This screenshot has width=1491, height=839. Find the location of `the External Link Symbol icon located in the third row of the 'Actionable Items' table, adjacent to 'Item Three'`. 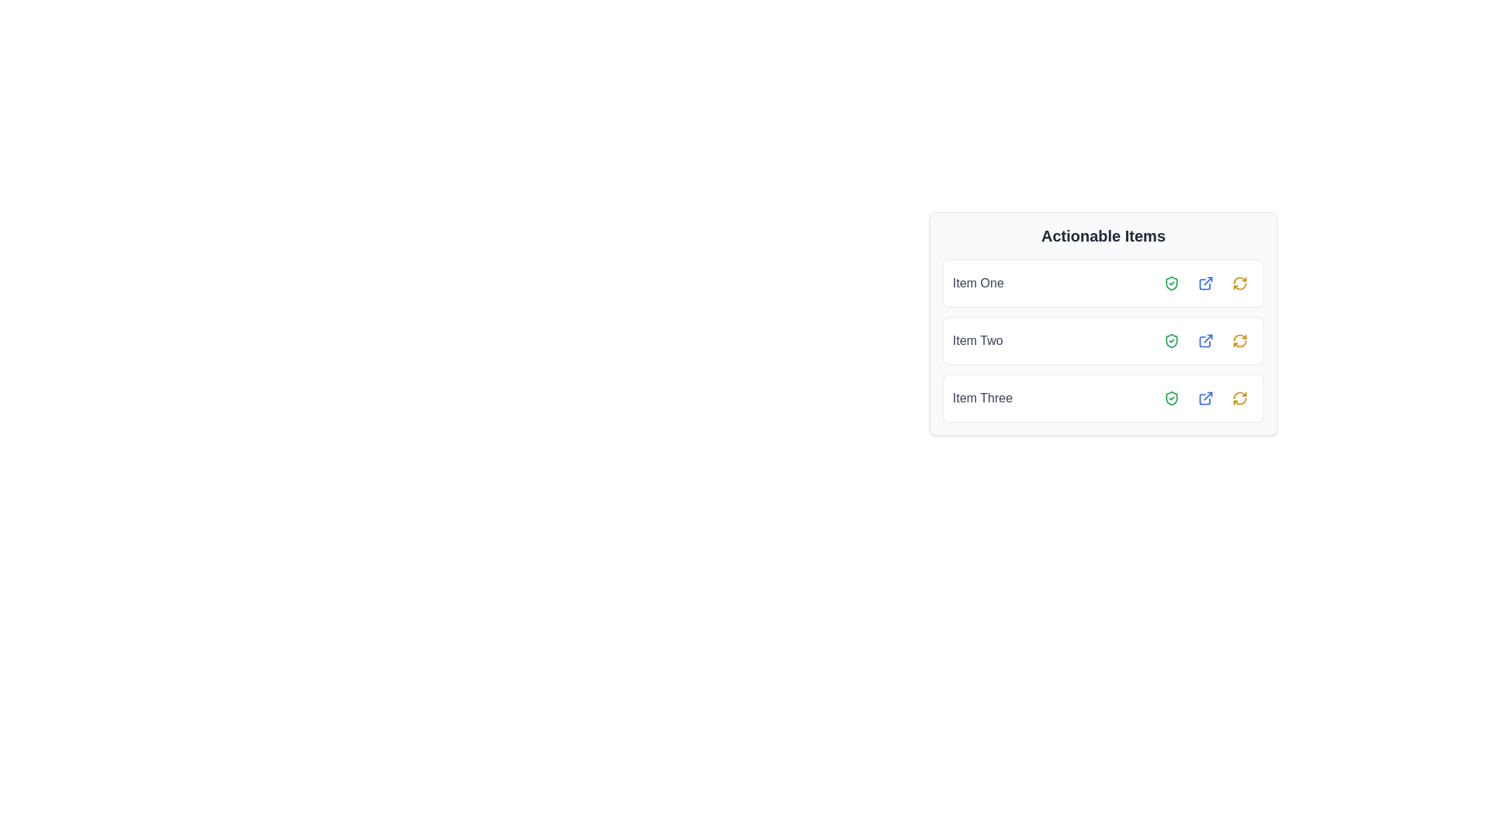

the External Link Symbol icon located in the third row of the 'Actionable Items' table, adjacent to 'Item Three' is located at coordinates (1205, 398).